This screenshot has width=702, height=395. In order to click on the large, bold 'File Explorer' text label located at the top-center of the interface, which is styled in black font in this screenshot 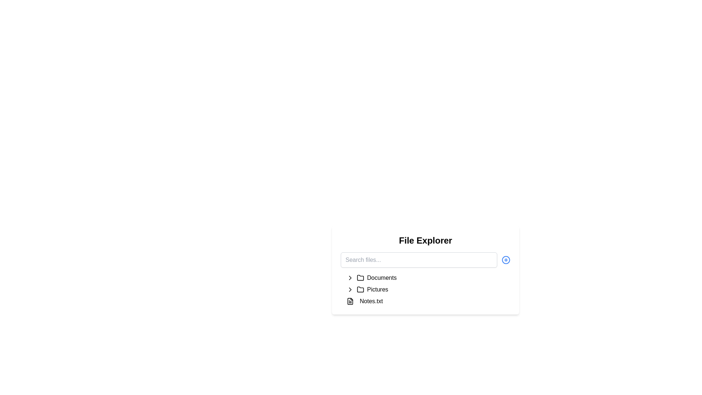, I will do `click(425, 241)`.